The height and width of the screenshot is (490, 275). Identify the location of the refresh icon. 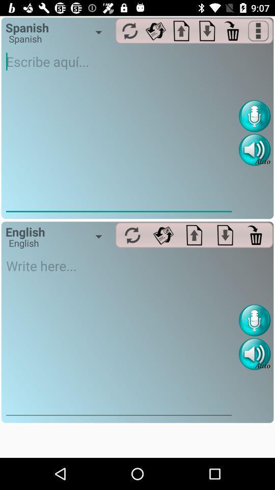
(155, 30).